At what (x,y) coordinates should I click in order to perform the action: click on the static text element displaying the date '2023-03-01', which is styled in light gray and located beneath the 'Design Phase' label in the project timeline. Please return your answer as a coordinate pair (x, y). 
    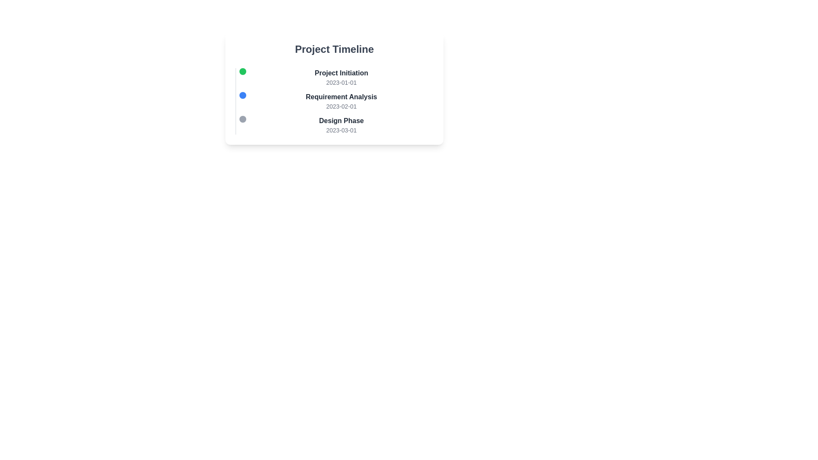
    Looking at the image, I should click on (341, 130).